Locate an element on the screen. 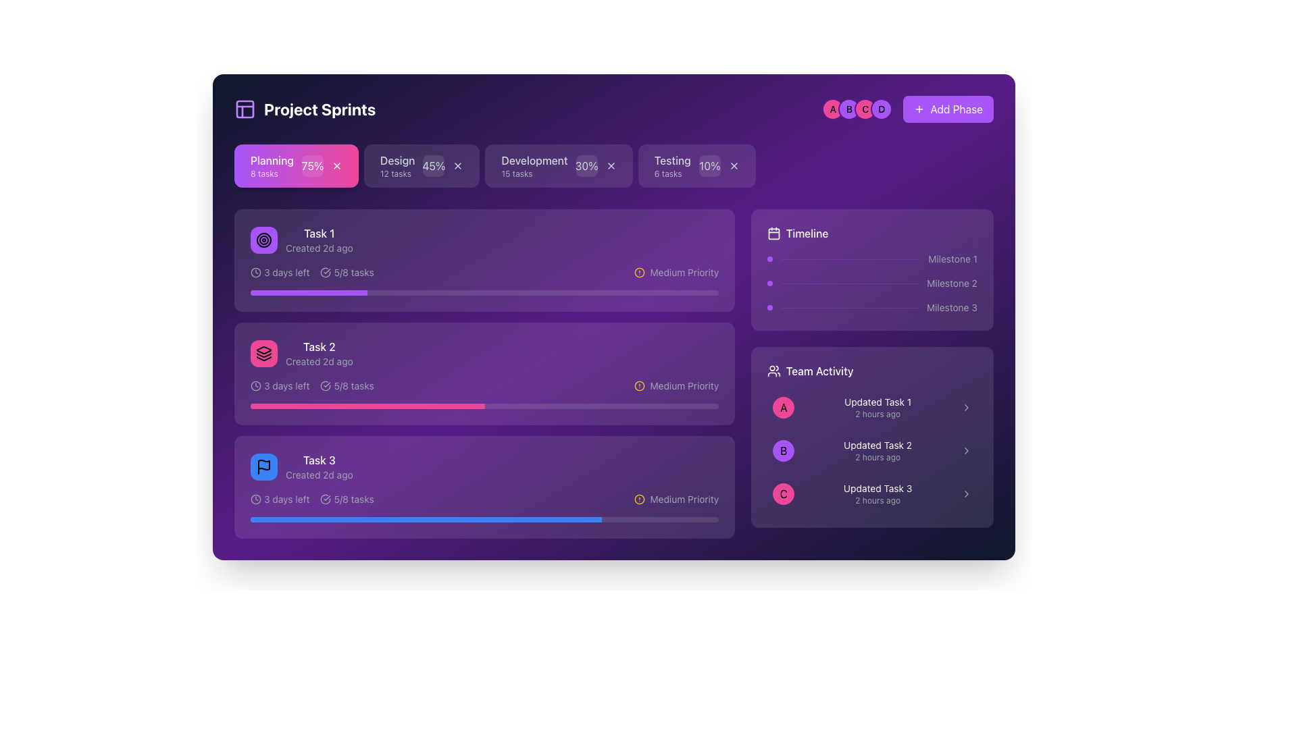 Image resolution: width=1297 pixels, height=729 pixels. the third list item labeled 'Updated Task 3' is located at coordinates (872, 494).